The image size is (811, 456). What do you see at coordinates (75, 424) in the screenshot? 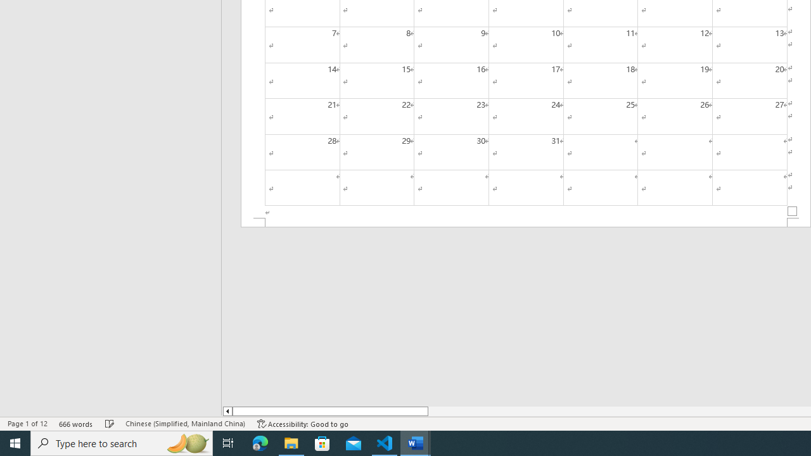
I see `'Word Count 666 words'` at bounding box center [75, 424].